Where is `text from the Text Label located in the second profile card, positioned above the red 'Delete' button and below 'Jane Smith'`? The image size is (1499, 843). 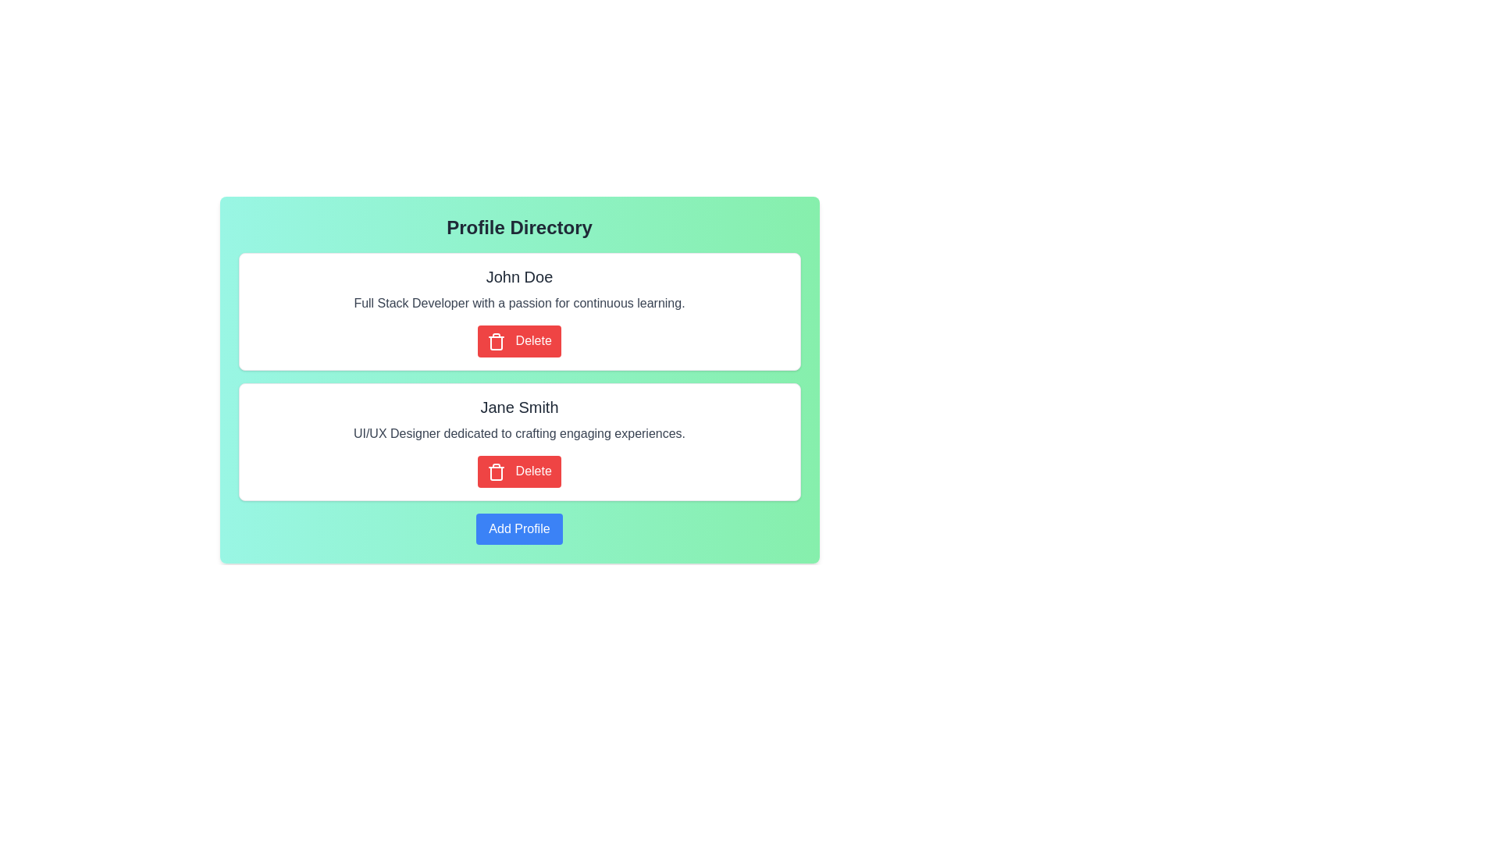 text from the Text Label located in the second profile card, positioned above the red 'Delete' button and below 'Jane Smith' is located at coordinates (519, 433).